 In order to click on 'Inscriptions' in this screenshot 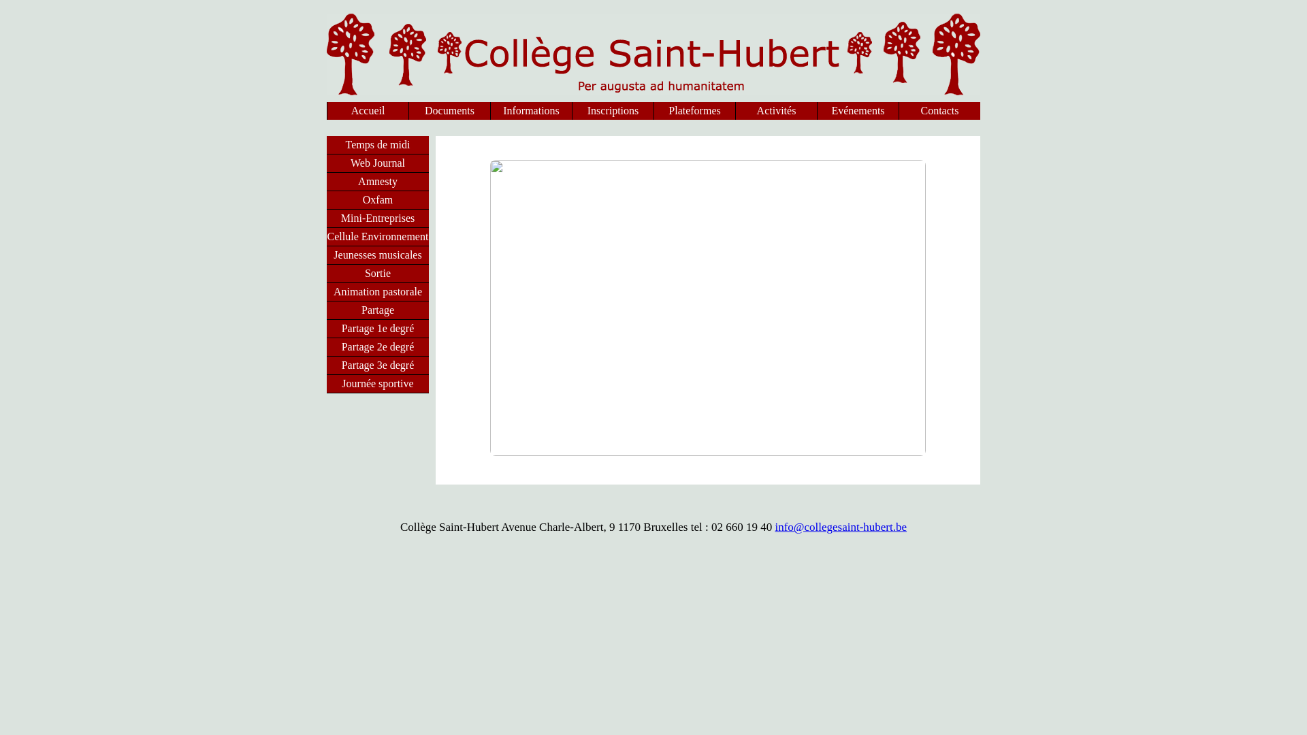, I will do `click(612, 110)`.